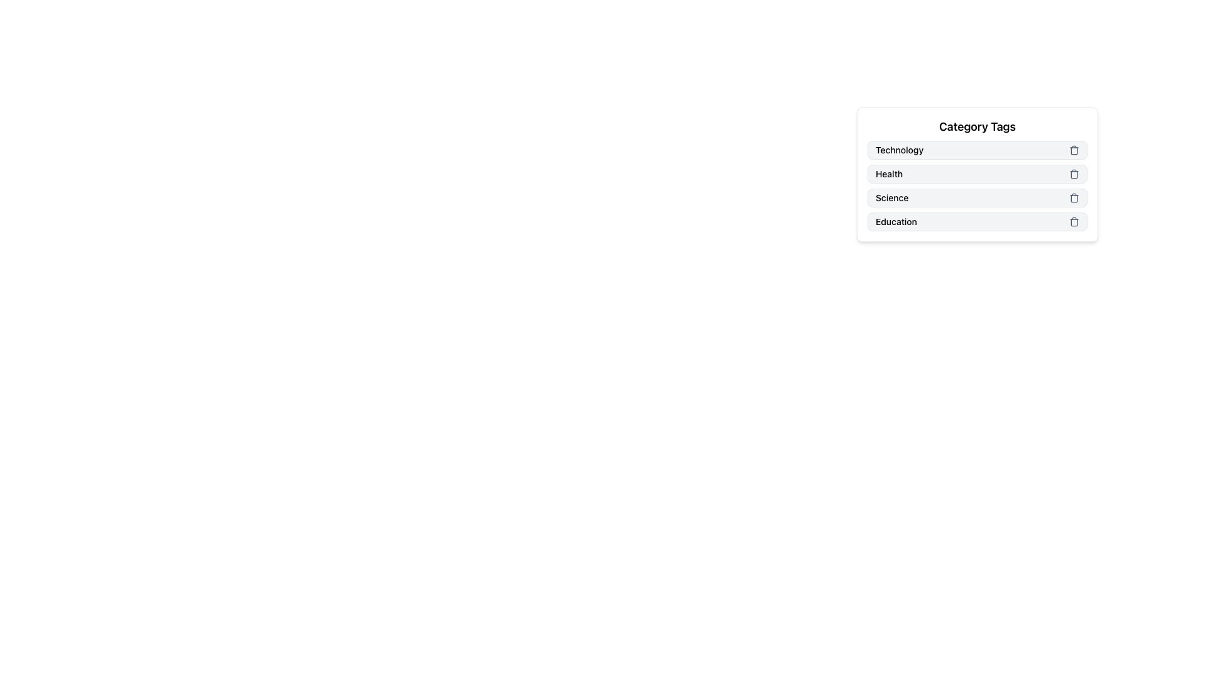 Image resolution: width=1207 pixels, height=679 pixels. What do you see at coordinates (1073, 198) in the screenshot?
I see `the trash can icon button, which is styled with a gray color and rounded corners, located on the right-hand side of the 'Science' row in the 'Category Tags' section` at bounding box center [1073, 198].